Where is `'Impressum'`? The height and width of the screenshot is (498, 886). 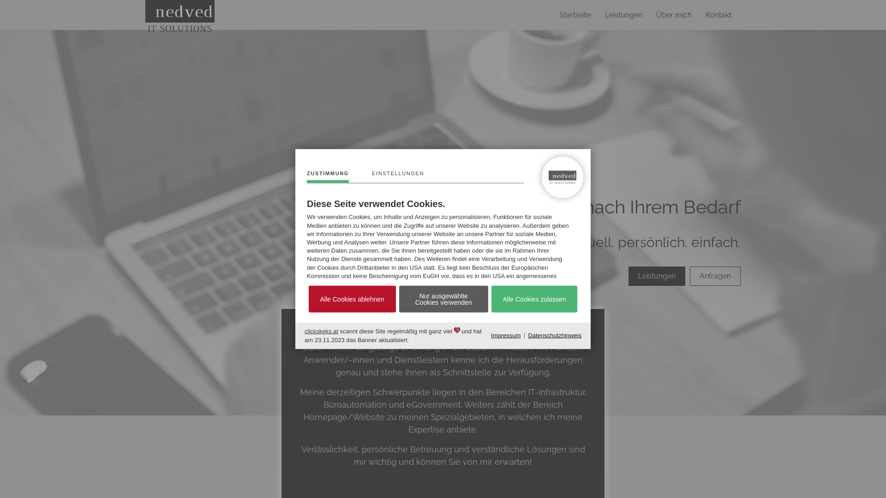 'Impressum' is located at coordinates (491, 336).